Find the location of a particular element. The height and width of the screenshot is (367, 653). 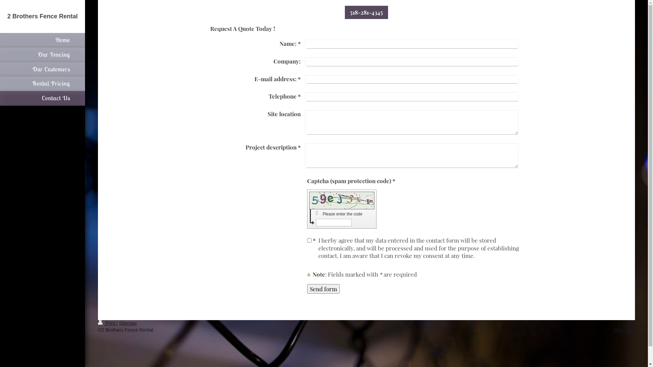

'Print' is located at coordinates (107, 323).